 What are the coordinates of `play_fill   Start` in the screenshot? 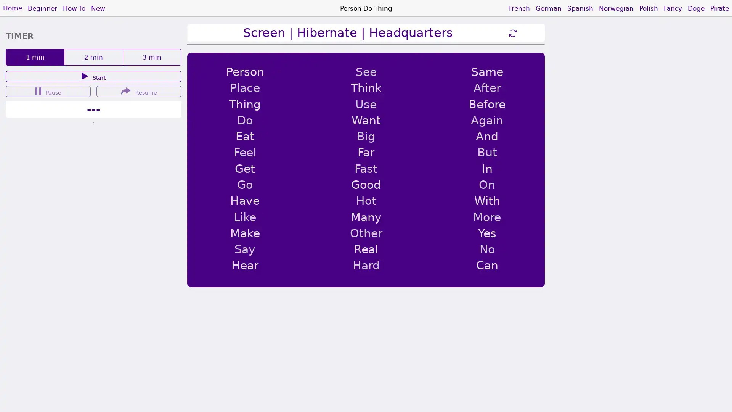 It's located at (93, 76).